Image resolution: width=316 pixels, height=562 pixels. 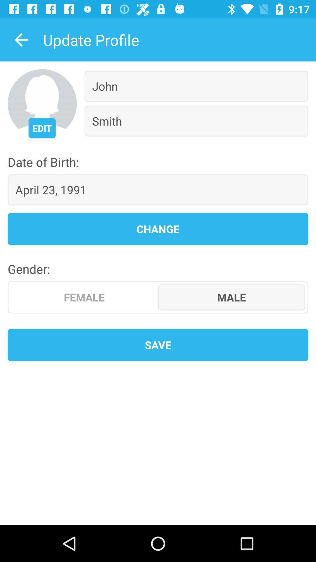 I want to click on the icon below the john item, so click(x=196, y=121).